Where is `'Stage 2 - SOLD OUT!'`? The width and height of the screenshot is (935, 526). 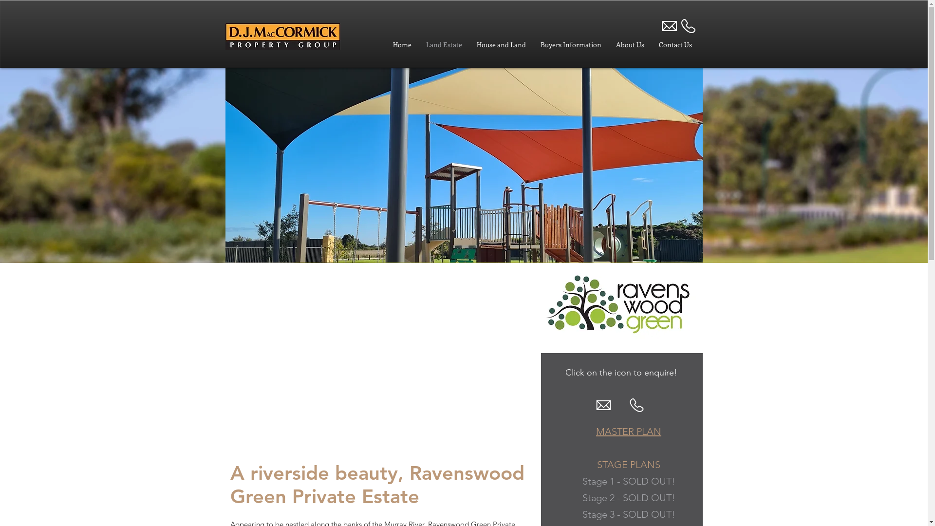 'Stage 2 - SOLD OUT!' is located at coordinates (582, 498).